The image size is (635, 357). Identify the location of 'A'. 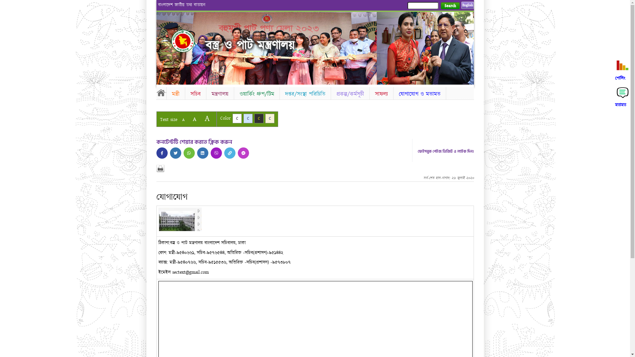
(201, 118).